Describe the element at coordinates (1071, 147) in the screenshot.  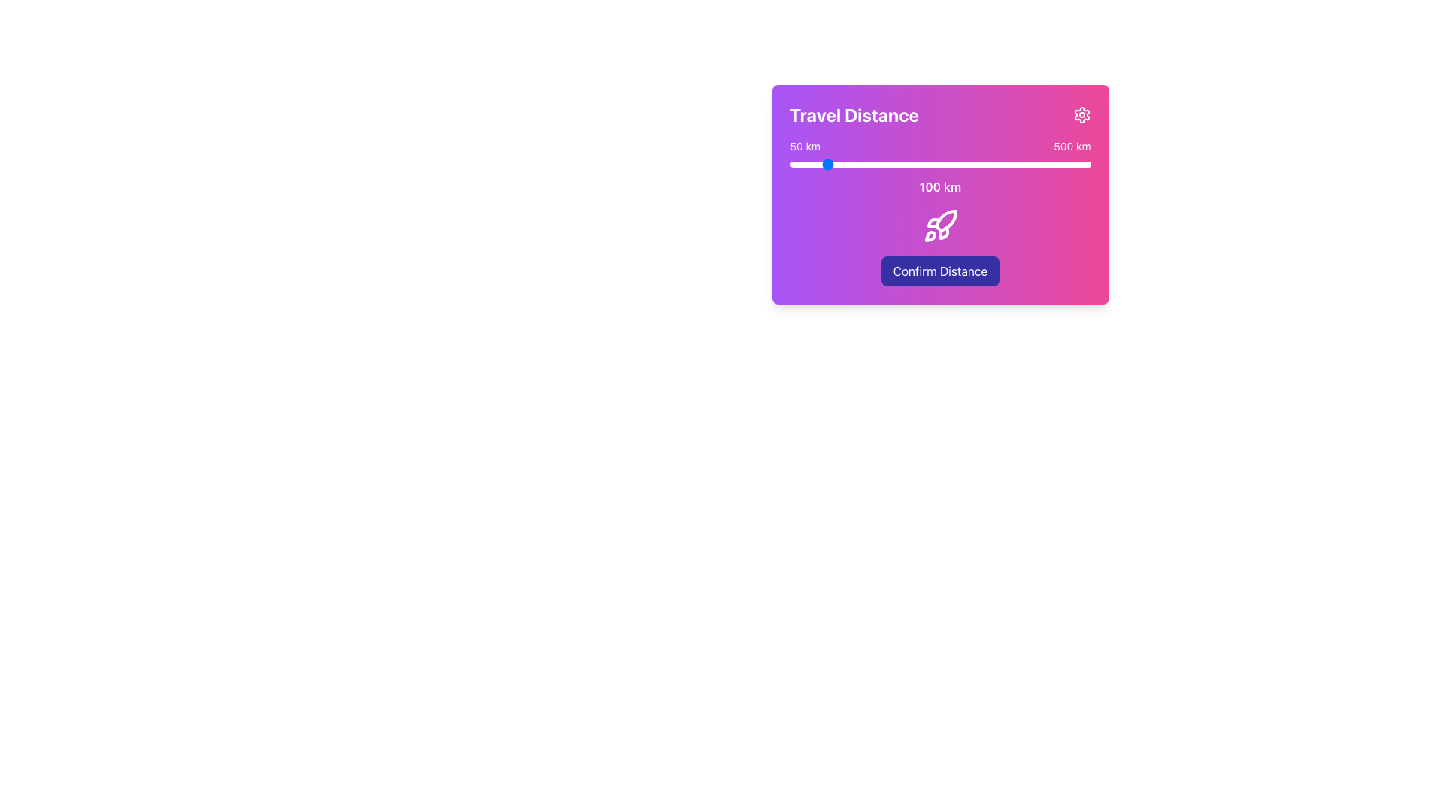
I see `the static text label displaying '500 km' in white font against a pink gradient background, located in the upper right corner of the 'Travel Distance' box` at that location.